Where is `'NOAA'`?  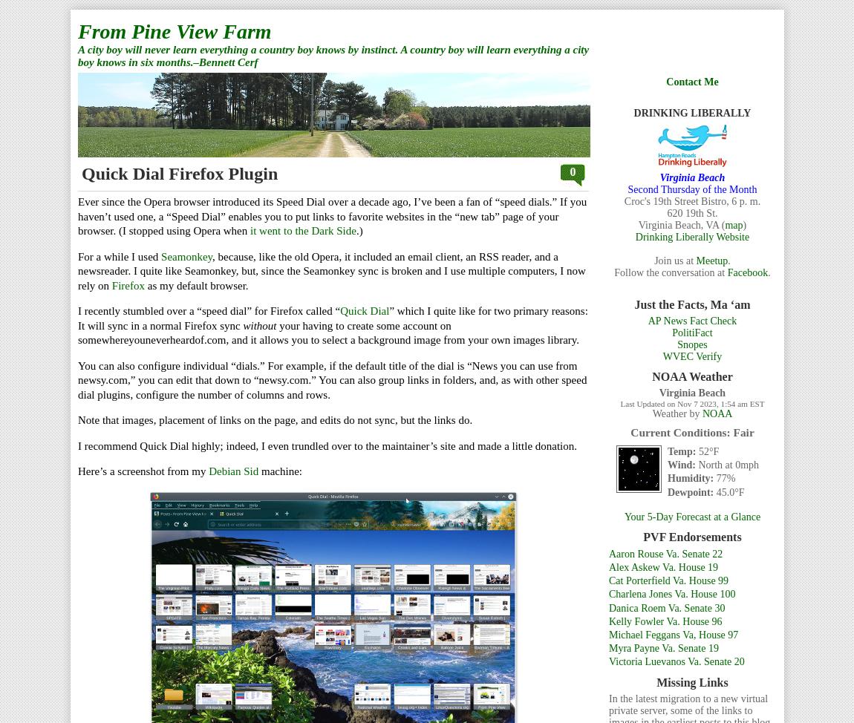
'NOAA' is located at coordinates (701, 413).